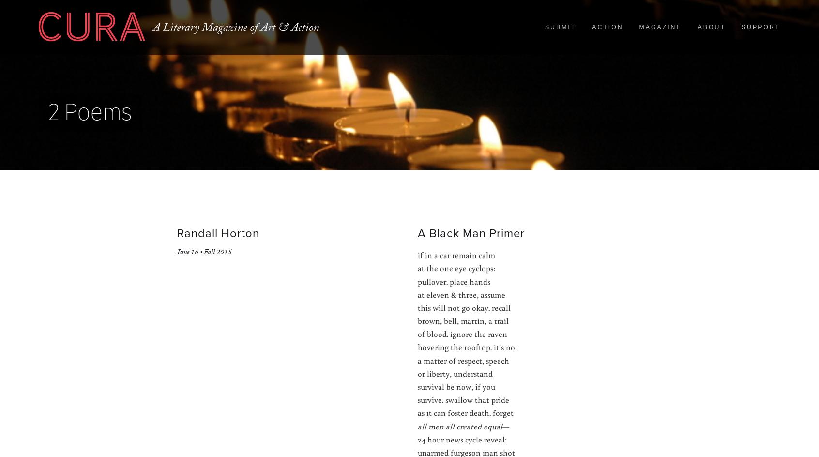  What do you see at coordinates (466, 412) in the screenshot?
I see `'as it can foster death. forget'` at bounding box center [466, 412].